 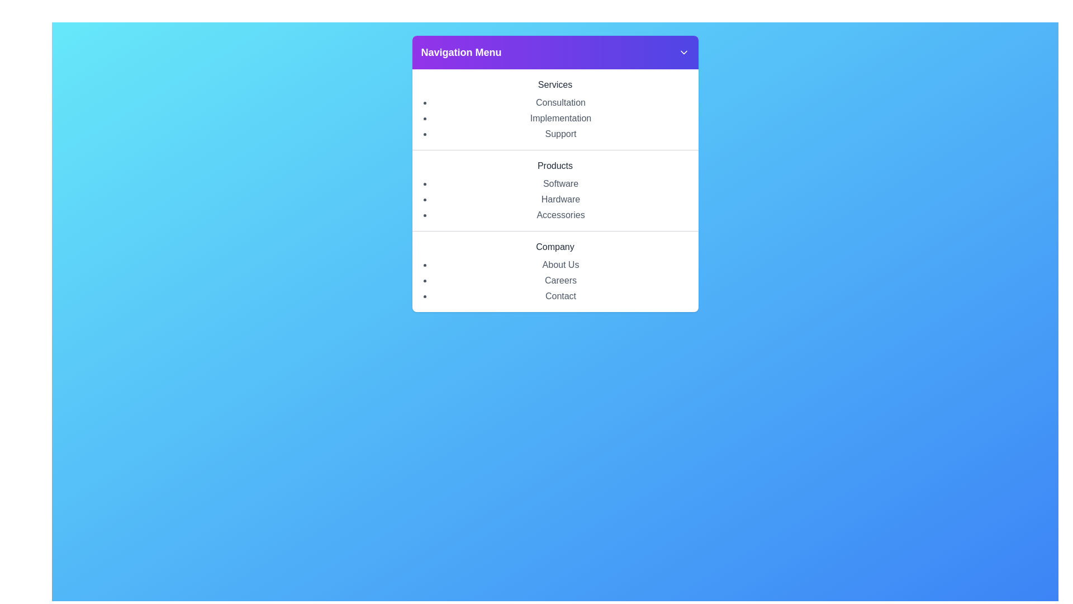 What do you see at coordinates (561, 133) in the screenshot?
I see `the menu option Support within the category Services` at bounding box center [561, 133].